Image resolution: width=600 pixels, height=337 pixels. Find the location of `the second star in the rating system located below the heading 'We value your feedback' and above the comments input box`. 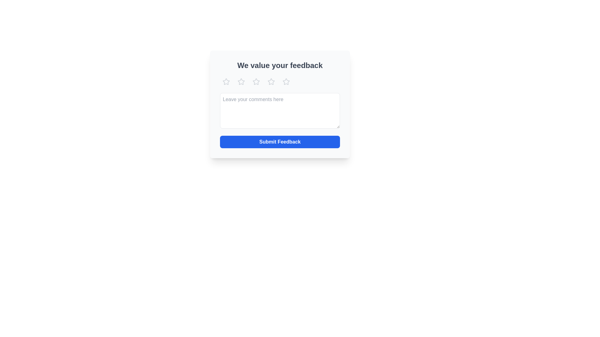

the second star in the rating system located below the heading 'We value your feedback' and above the comments input box is located at coordinates (256, 81).